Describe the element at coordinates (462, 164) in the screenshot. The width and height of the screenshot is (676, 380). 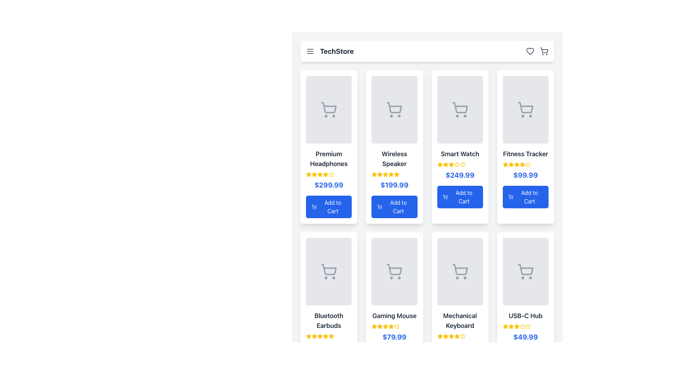
I see `the fifth yellow star icon` at that location.